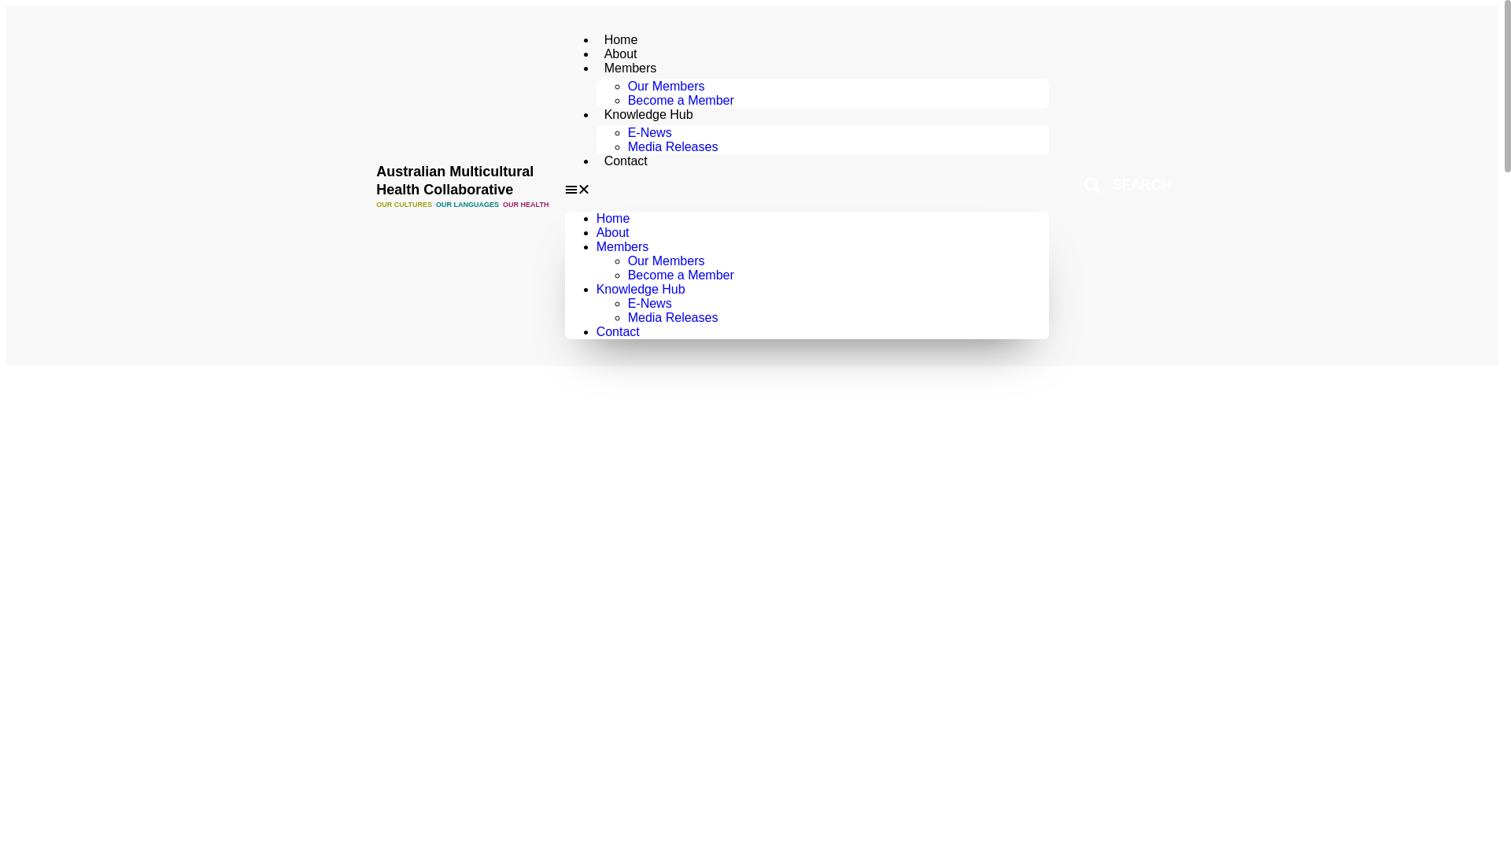 This screenshot has height=850, width=1511. What do you see at coordinates (1072, 184) in the screenshot?
I see `'SEARCH'` at bounding box center [1072, 184].